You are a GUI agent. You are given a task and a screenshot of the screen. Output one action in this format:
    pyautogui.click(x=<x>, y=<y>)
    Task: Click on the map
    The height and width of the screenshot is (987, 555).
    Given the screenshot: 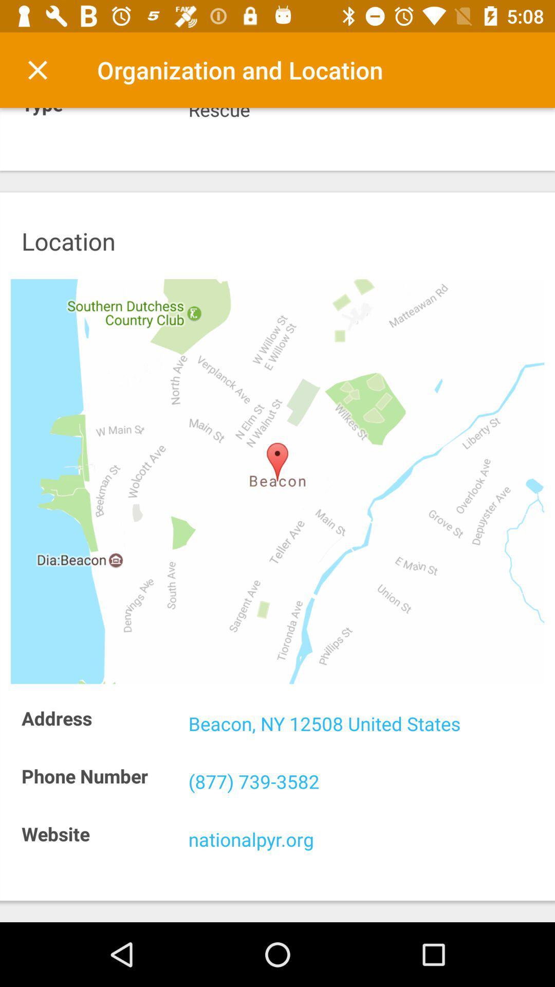 What is the action you would take?
    pyautogui.click(x=277, y=481)
    